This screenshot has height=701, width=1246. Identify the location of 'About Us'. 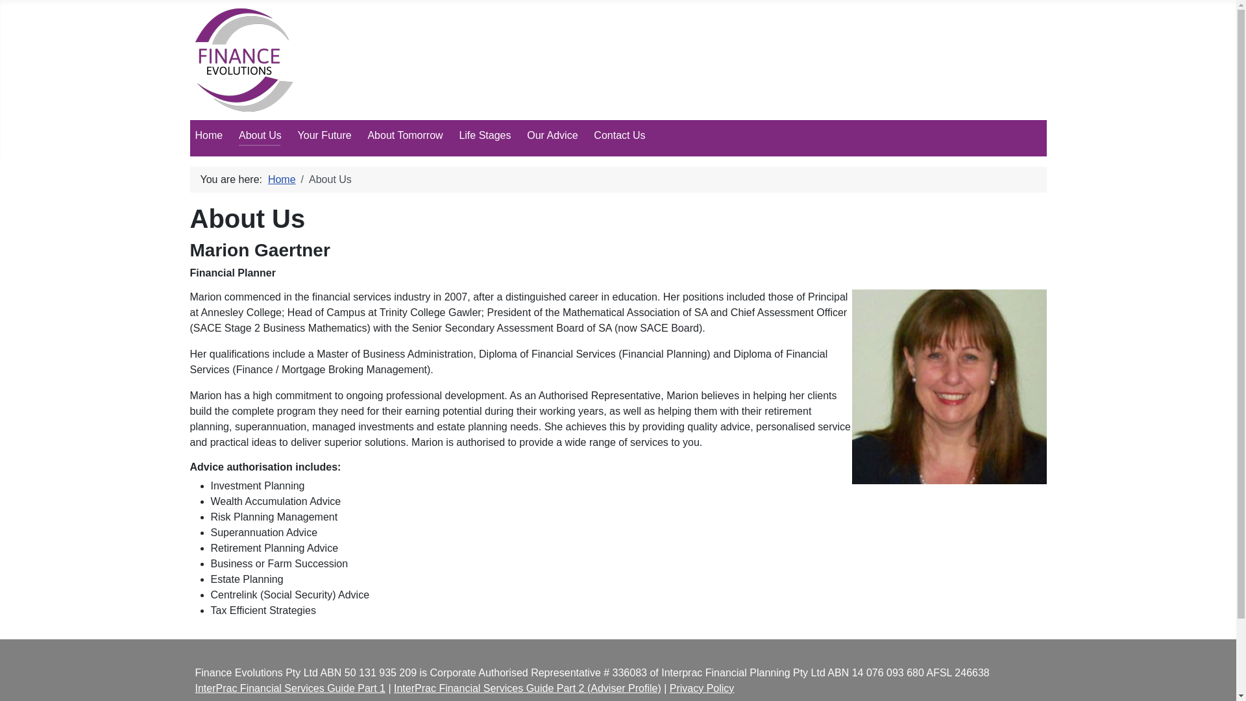
(239, 135).